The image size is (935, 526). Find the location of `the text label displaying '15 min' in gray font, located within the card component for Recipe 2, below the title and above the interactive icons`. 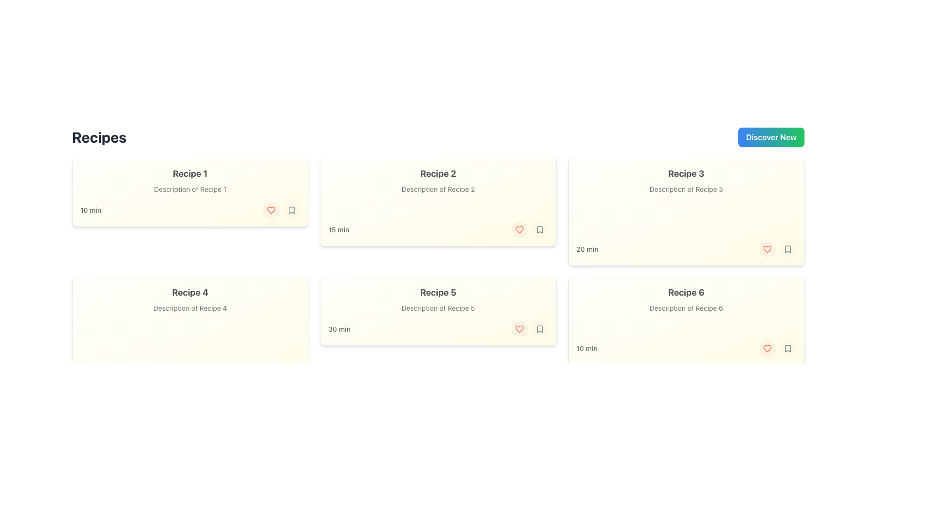

the text label displaying '15 min' in gray font, located within the card component for Recipe 2, below the title and above the interactive icons is located at coordinates (338, 229).